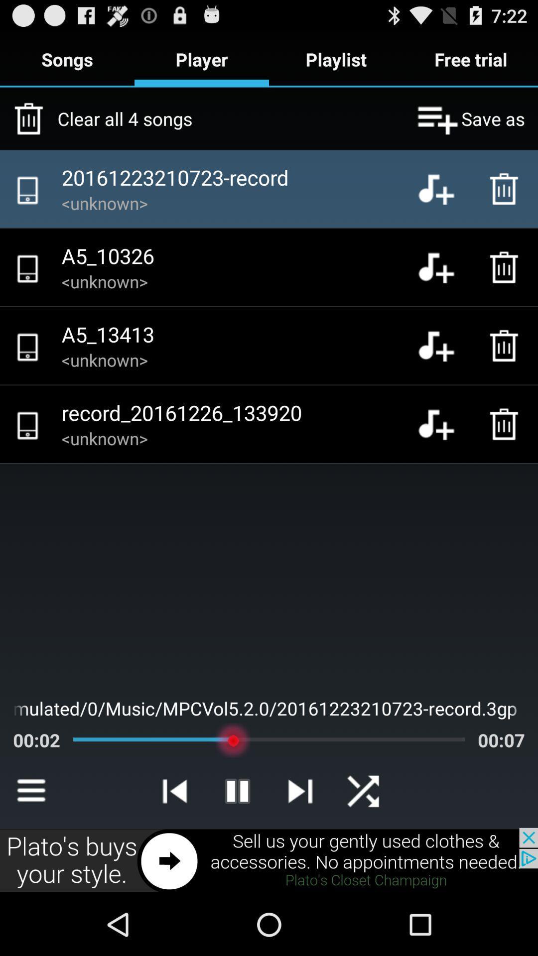  I want to click on adverdasmand, so click(269, 860).